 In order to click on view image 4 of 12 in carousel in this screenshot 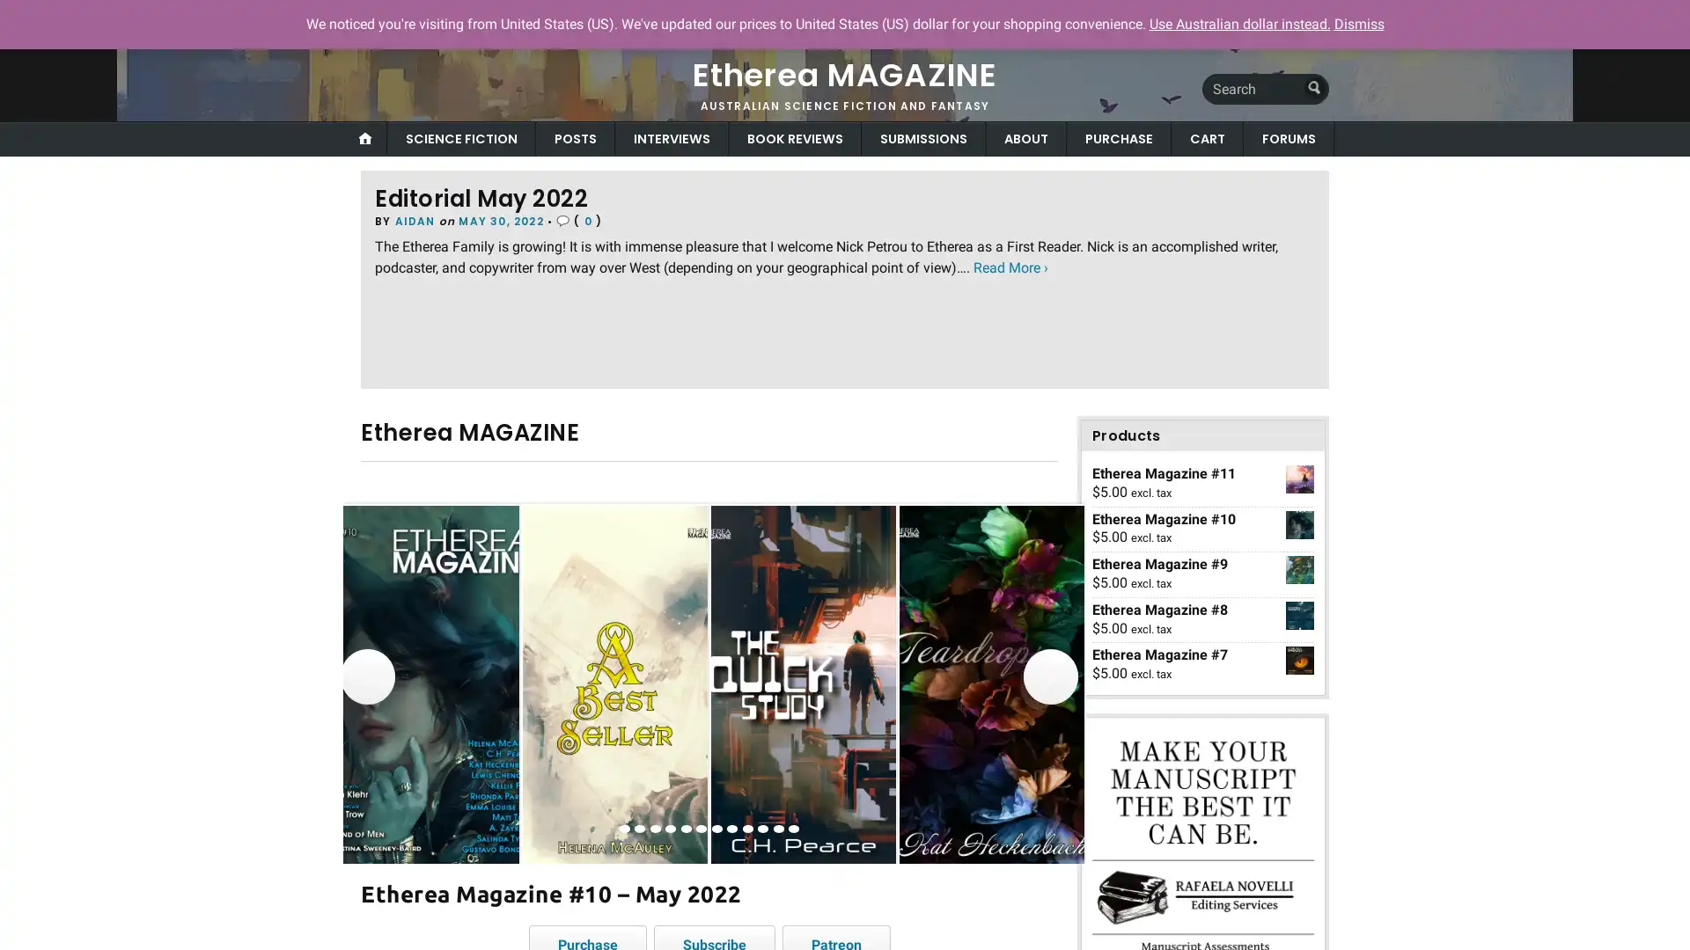, I will do `click(670, 828)`.